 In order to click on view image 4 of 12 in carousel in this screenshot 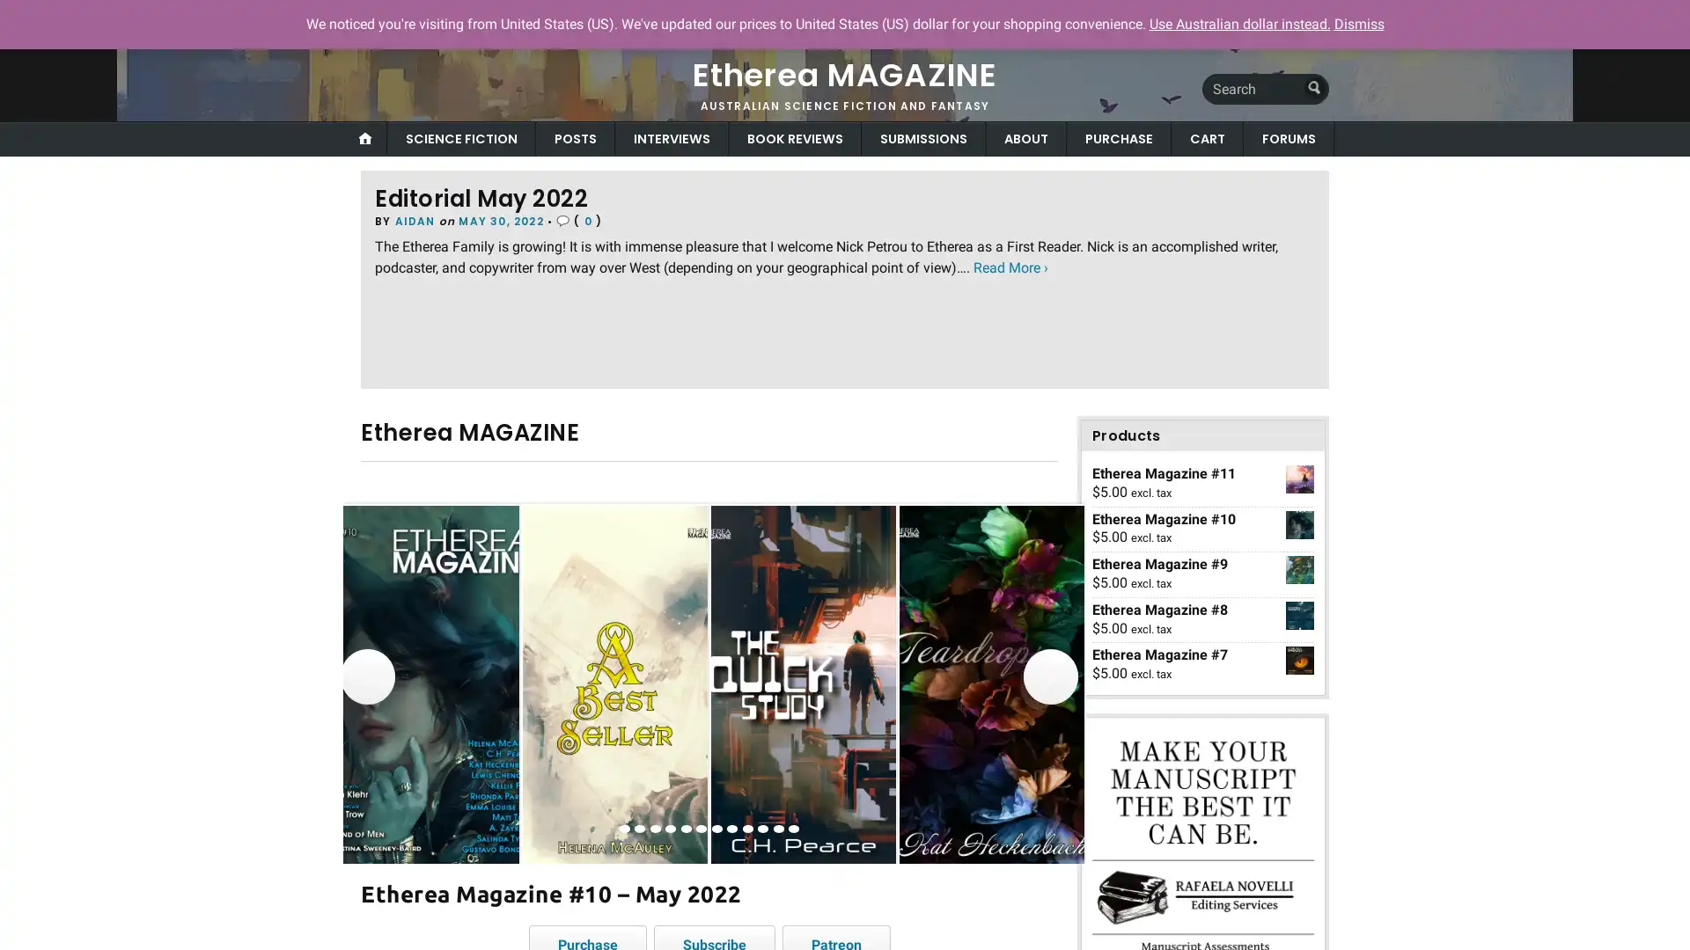, I will do `click(670, 828)`.